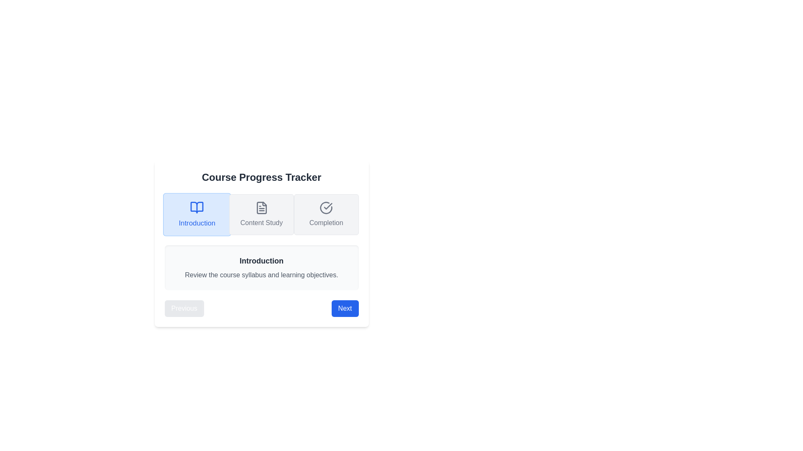 This screenshot has width=803, height=451. Describe the element at coordinates (326, 207) in the screenshot. I see `the completion status icon located in the 'Completion' section, which indicates that the associated stage has been successfully completed` at that location.